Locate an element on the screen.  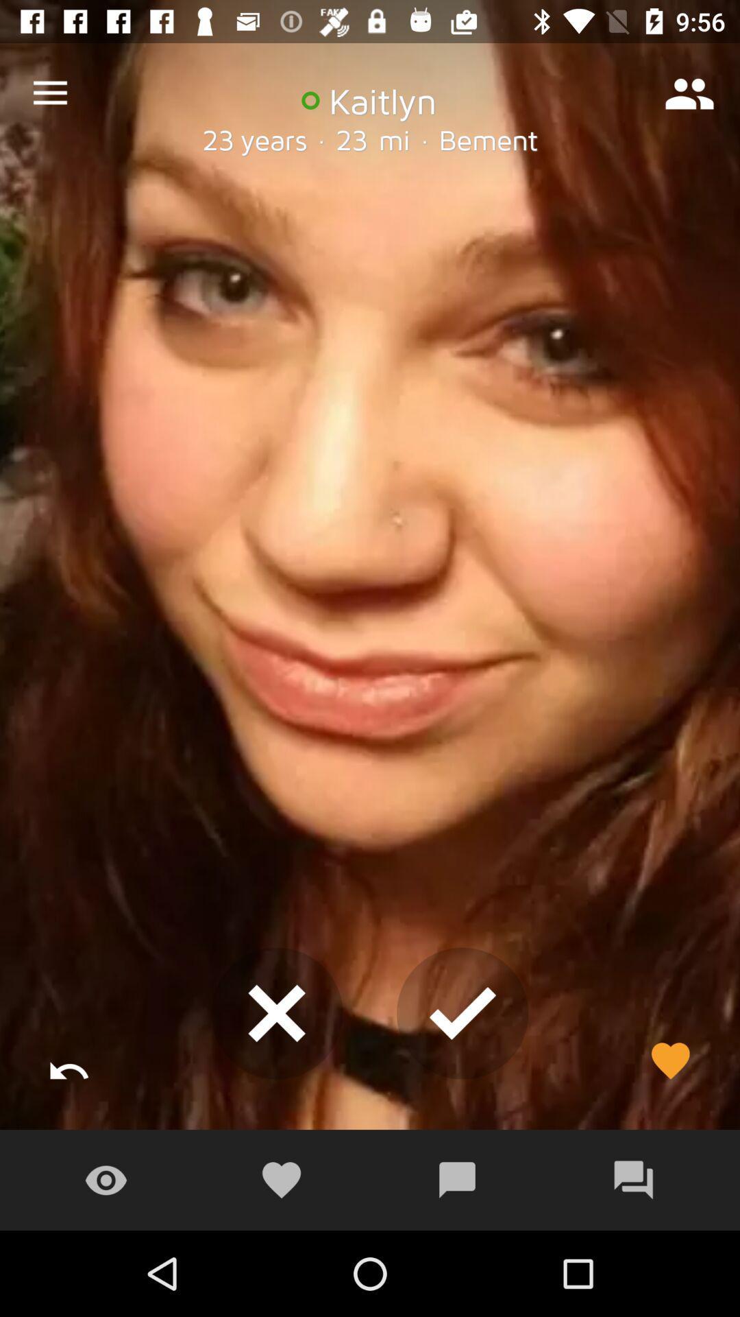
the check icon is located at coordinates (463, 1013).